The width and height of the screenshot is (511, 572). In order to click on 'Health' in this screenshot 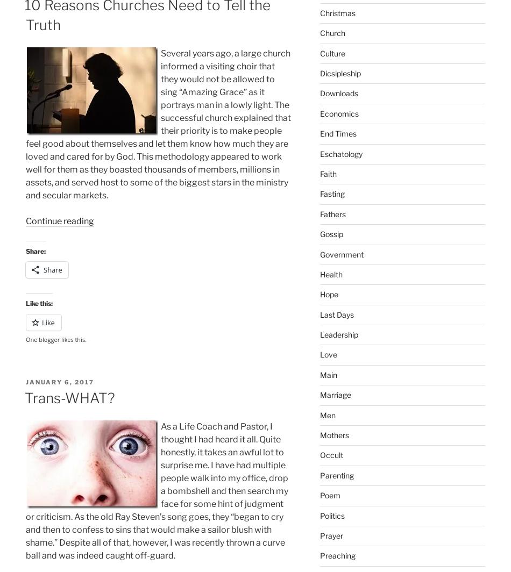, I will do `click(331, 274)`.